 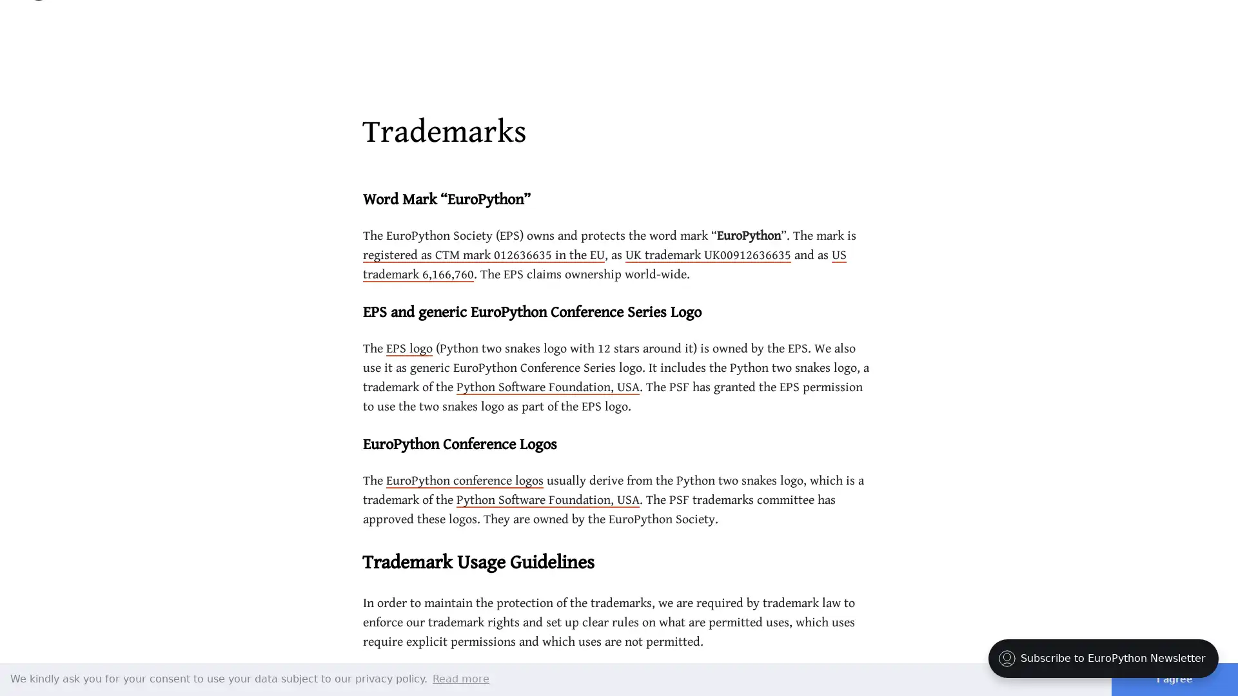 What do you see at coordinates (1135, 25) in the screenshot?
I see `Sign in` at bounding box center [1135, 25].